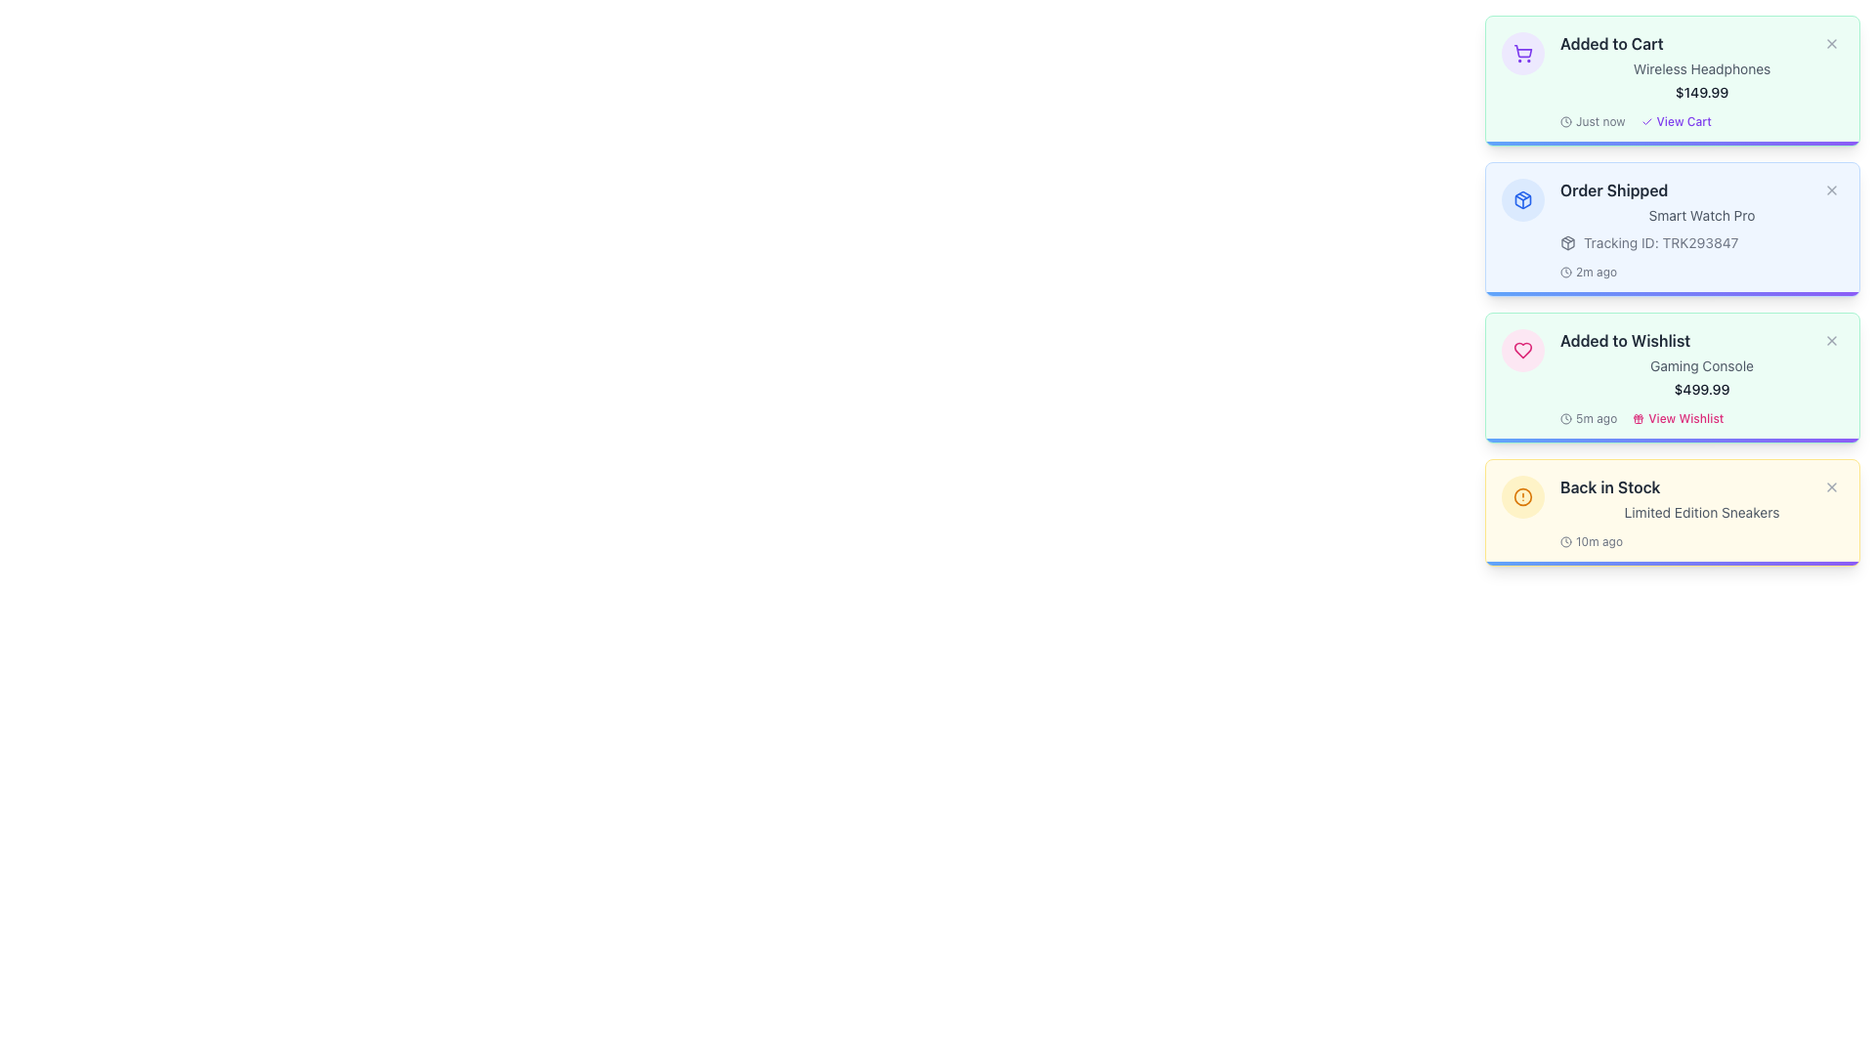 The image size is (1876, 1055). Describe the element at coordinates (1831, 339) in the screenshot. I see `the close button located at the top-right corner of the 'Added to Wishlist' notification card` at that location.